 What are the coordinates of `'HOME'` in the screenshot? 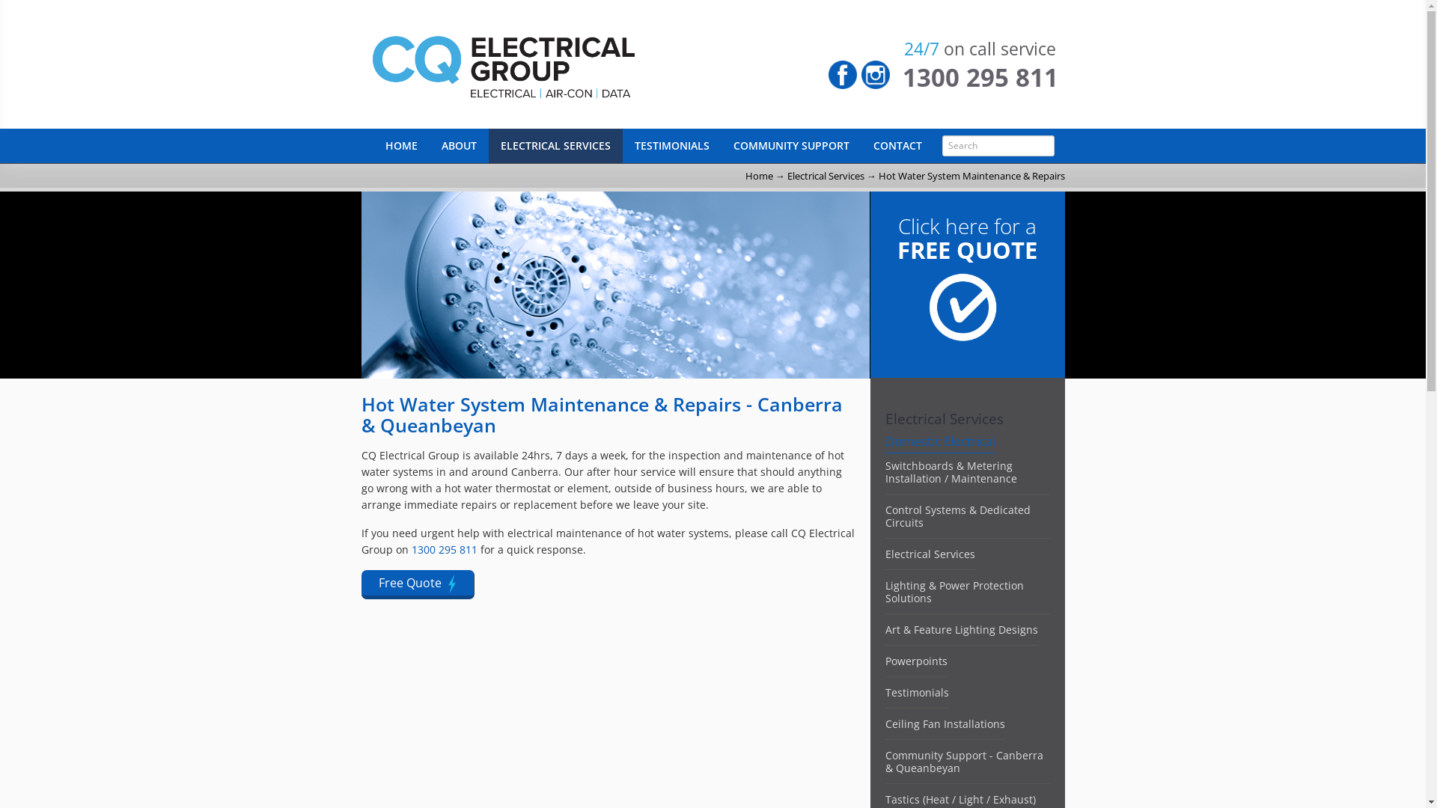 It's located at (373, 146).